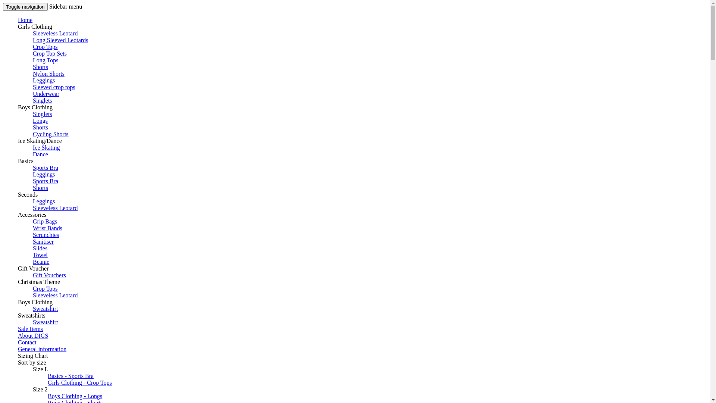 This screenshot has height=403, width=716. Describe the element at coordinates (41, 261) in the screenshot. I see `'Beanie'` at that location.